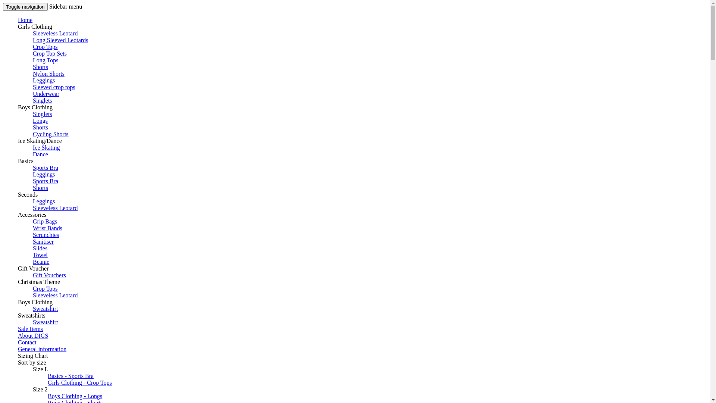 This screenshot has height=403, width=716. Describe the element at coordinates (41, 261) in the screenshot. I see `'Beanie'` at that location.